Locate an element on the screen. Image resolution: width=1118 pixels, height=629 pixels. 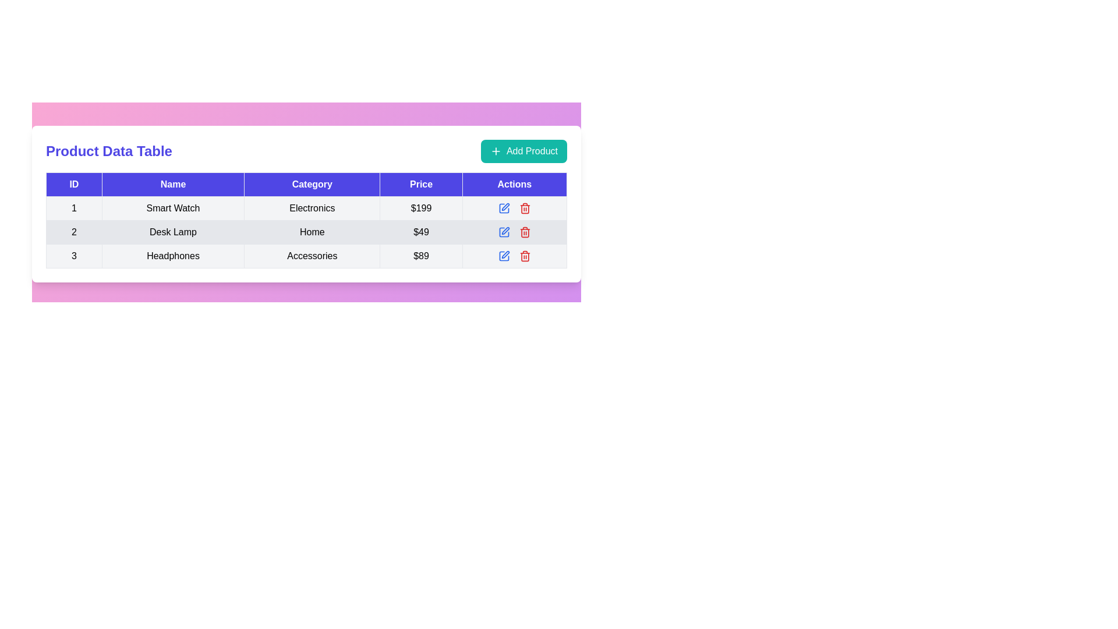
the cell in the third row of the product table to highlight it is located at coordinates (306, 255).